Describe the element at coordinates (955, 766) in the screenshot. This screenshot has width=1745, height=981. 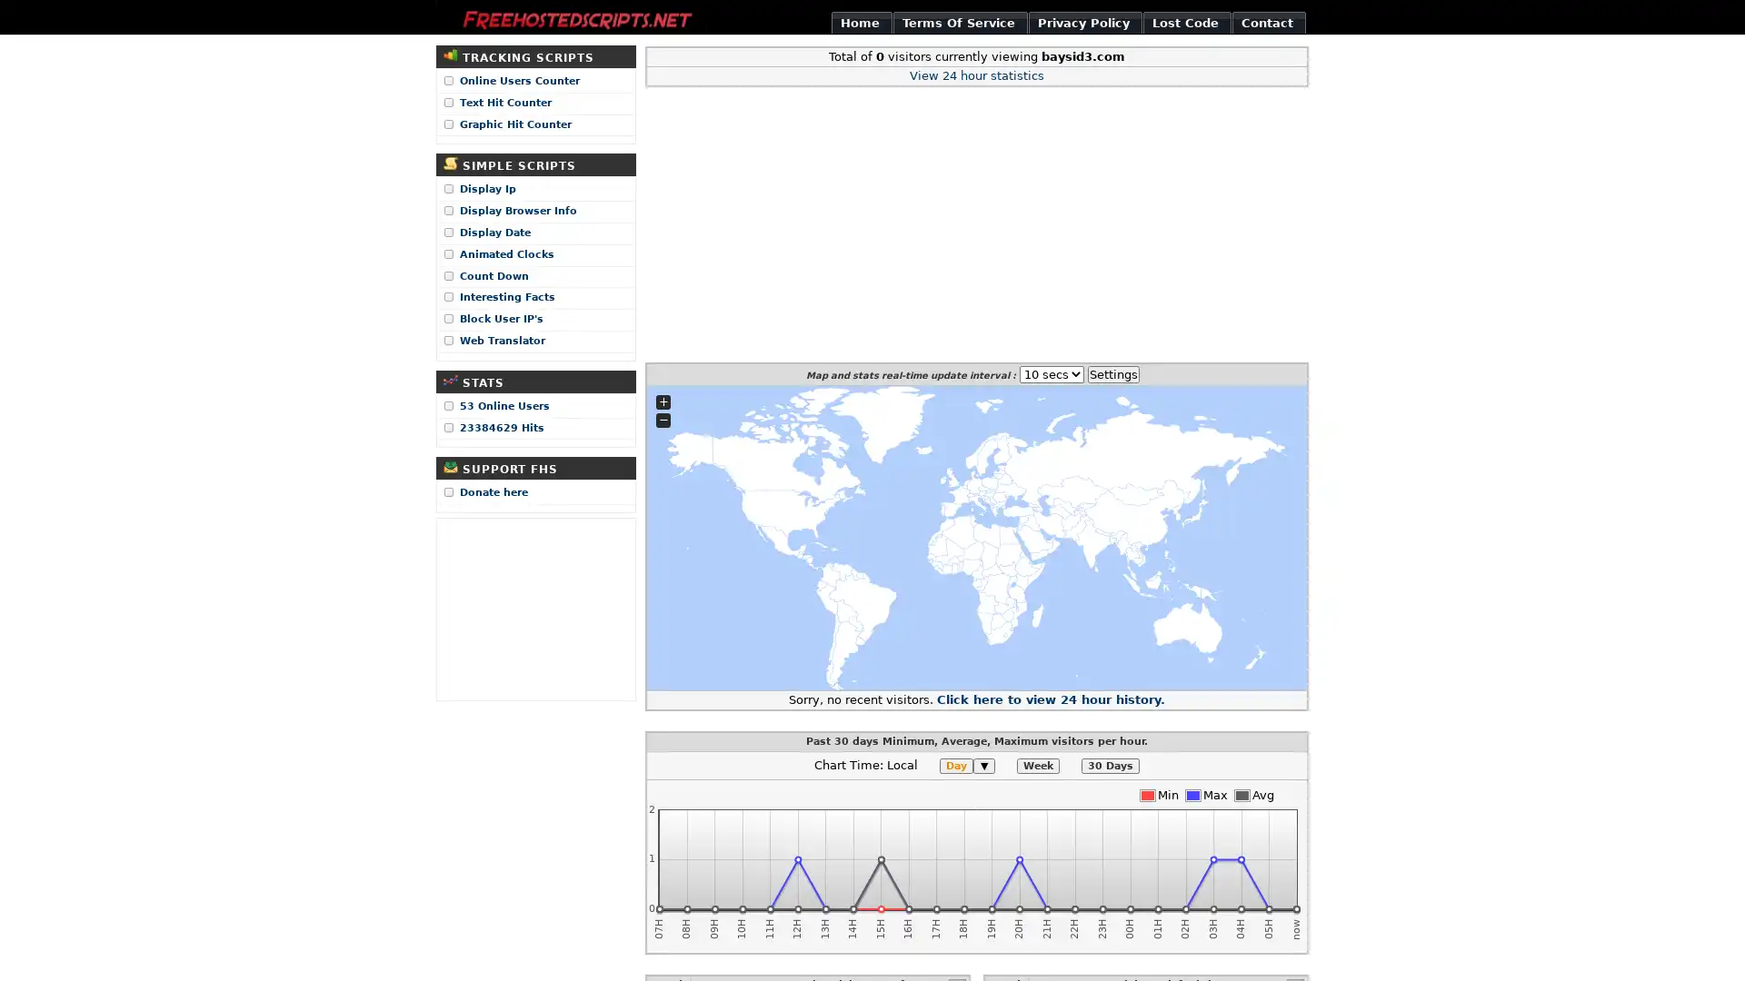
I see `Day` at that location.